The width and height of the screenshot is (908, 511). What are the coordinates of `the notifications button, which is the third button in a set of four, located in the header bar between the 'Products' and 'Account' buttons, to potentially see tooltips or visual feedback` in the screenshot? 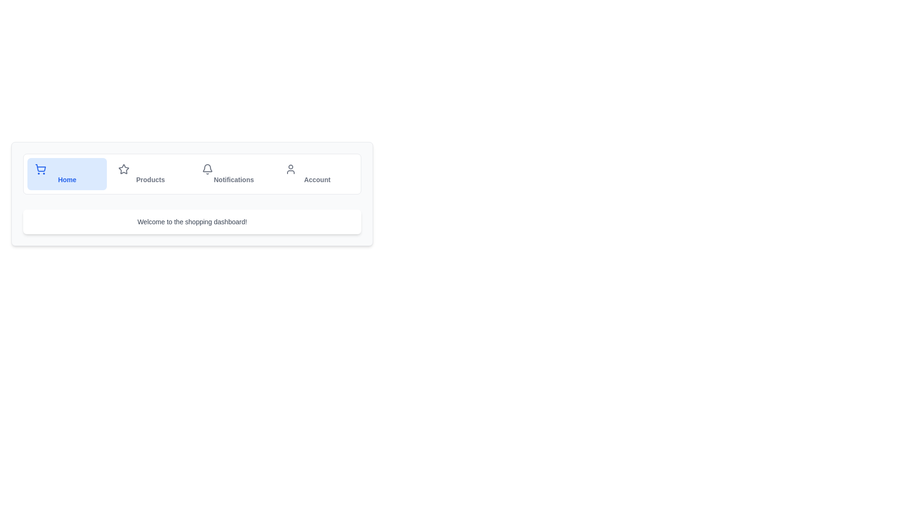 It's located at (234, 174).